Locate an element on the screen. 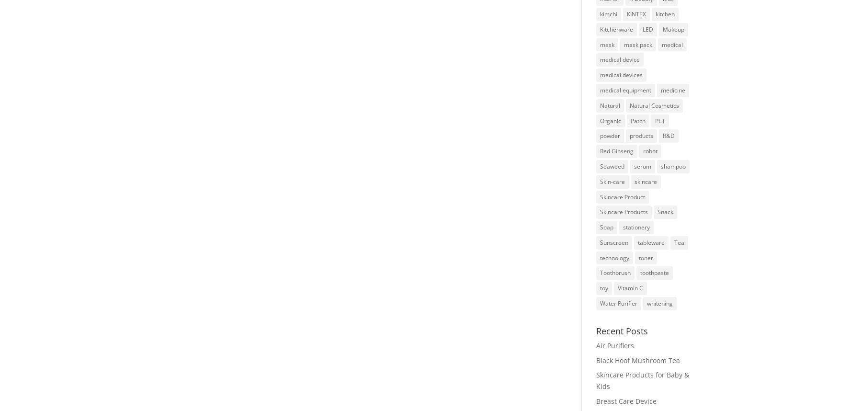 This screenshot has width=862, height=411. 'toner' is located at coordinates (646, 257).